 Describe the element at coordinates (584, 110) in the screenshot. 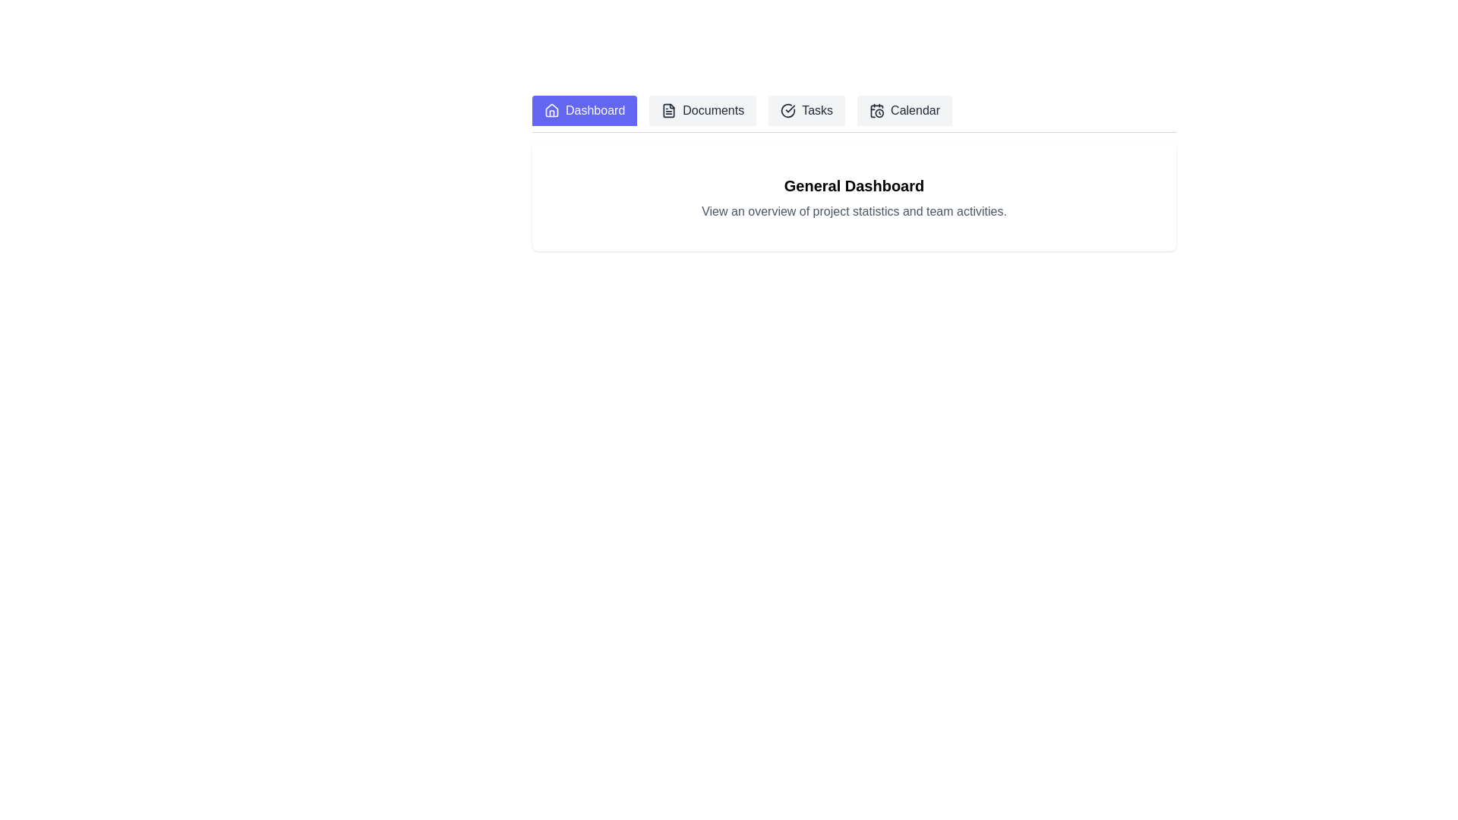

I see `the 'Dashboard' button, which is a horizontally rectangular button with rounded corners, a blue background, and white text` at that location.